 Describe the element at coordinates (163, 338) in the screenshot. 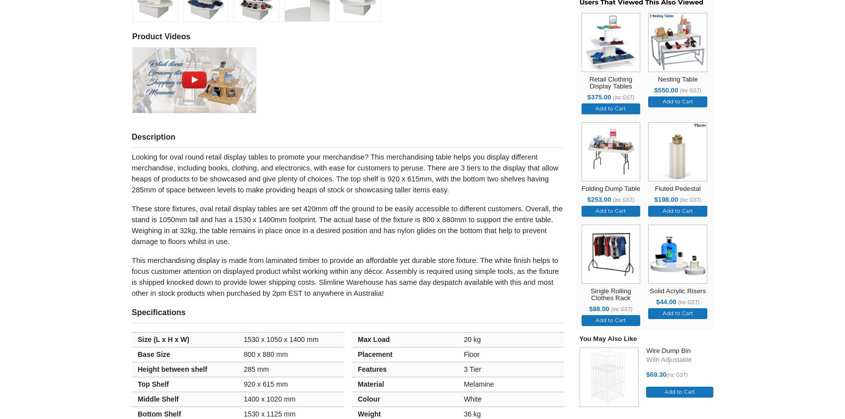

I see `'Size (L x H x W)'` at that location.